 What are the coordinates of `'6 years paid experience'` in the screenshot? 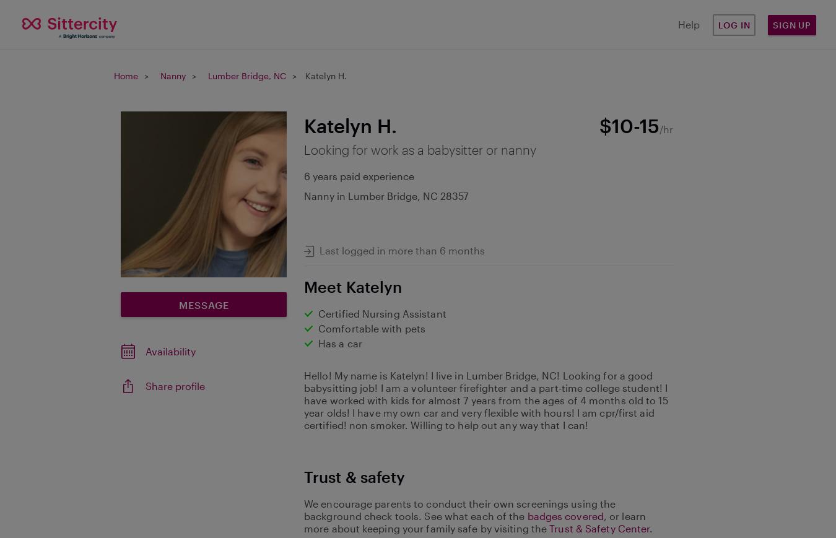 It's located at (359, 175).